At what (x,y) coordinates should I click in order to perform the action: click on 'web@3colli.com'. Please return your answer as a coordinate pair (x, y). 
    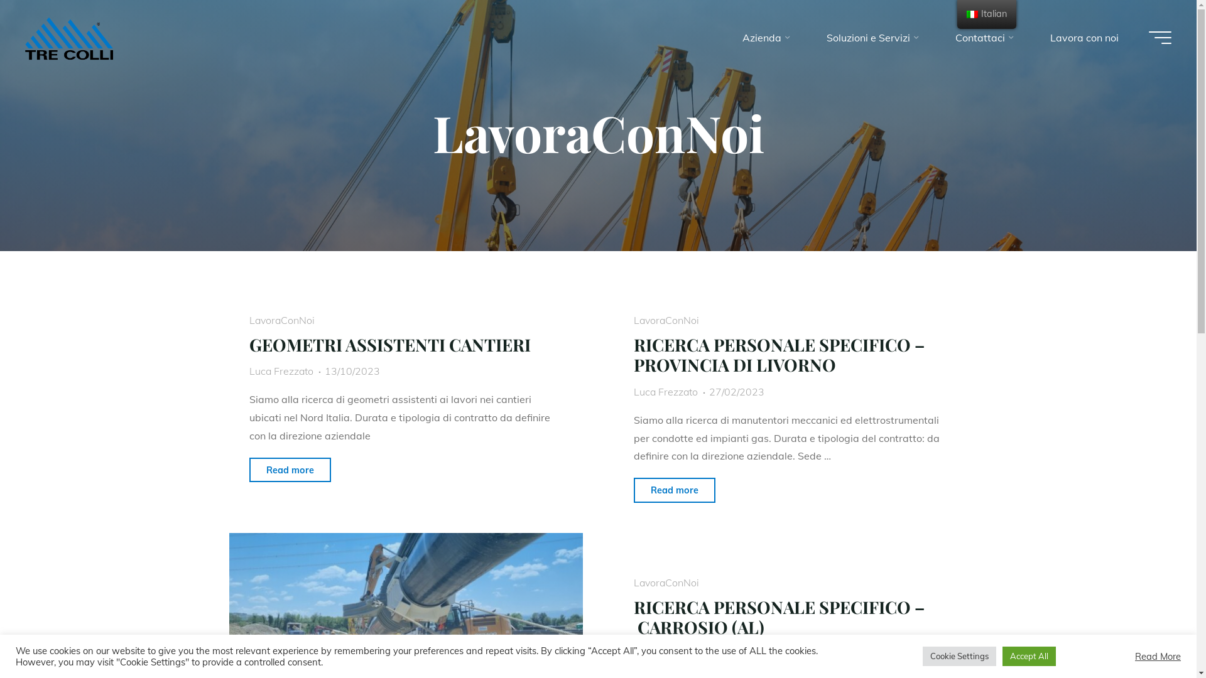
    Looking at the image, I should click on (671, 653).